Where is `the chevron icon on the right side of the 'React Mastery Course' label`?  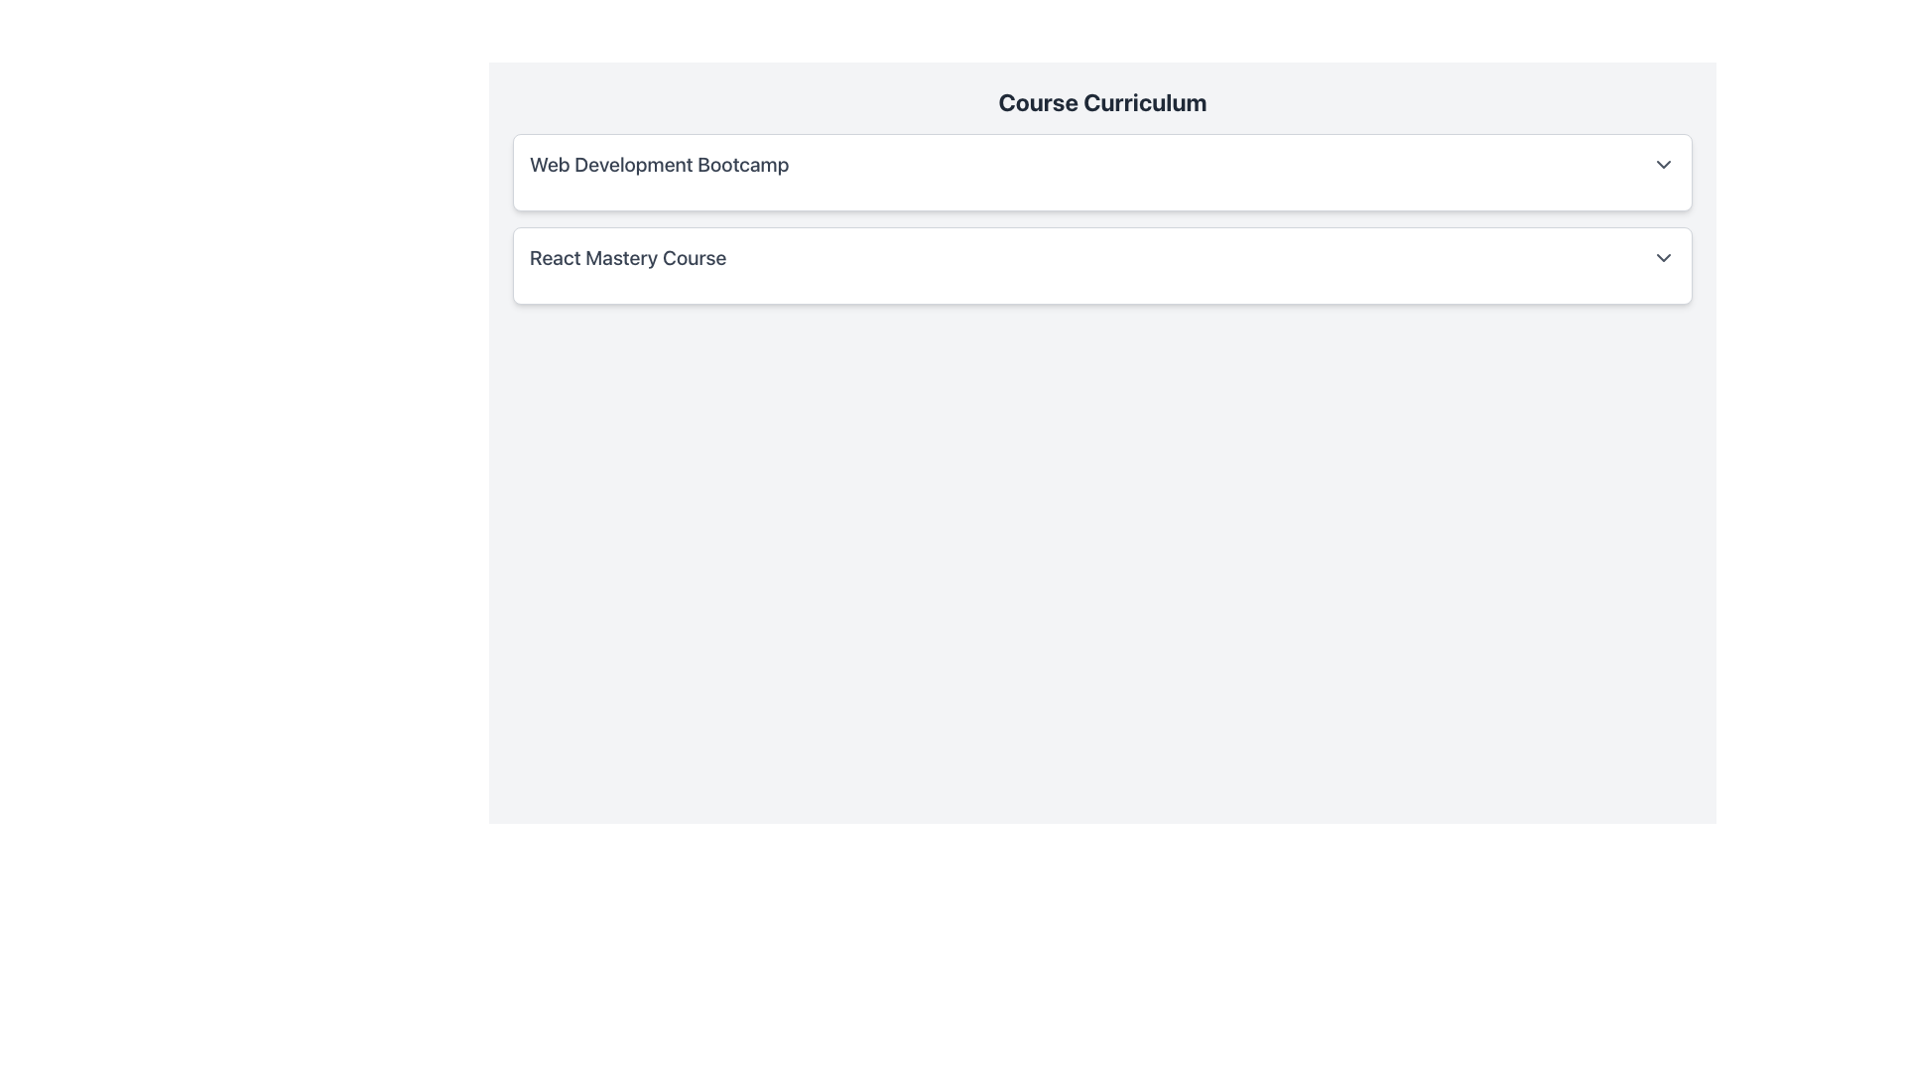
the chevron icon on the right side of the 'React Mastery Course' label is located at coordinates (1663, 256).